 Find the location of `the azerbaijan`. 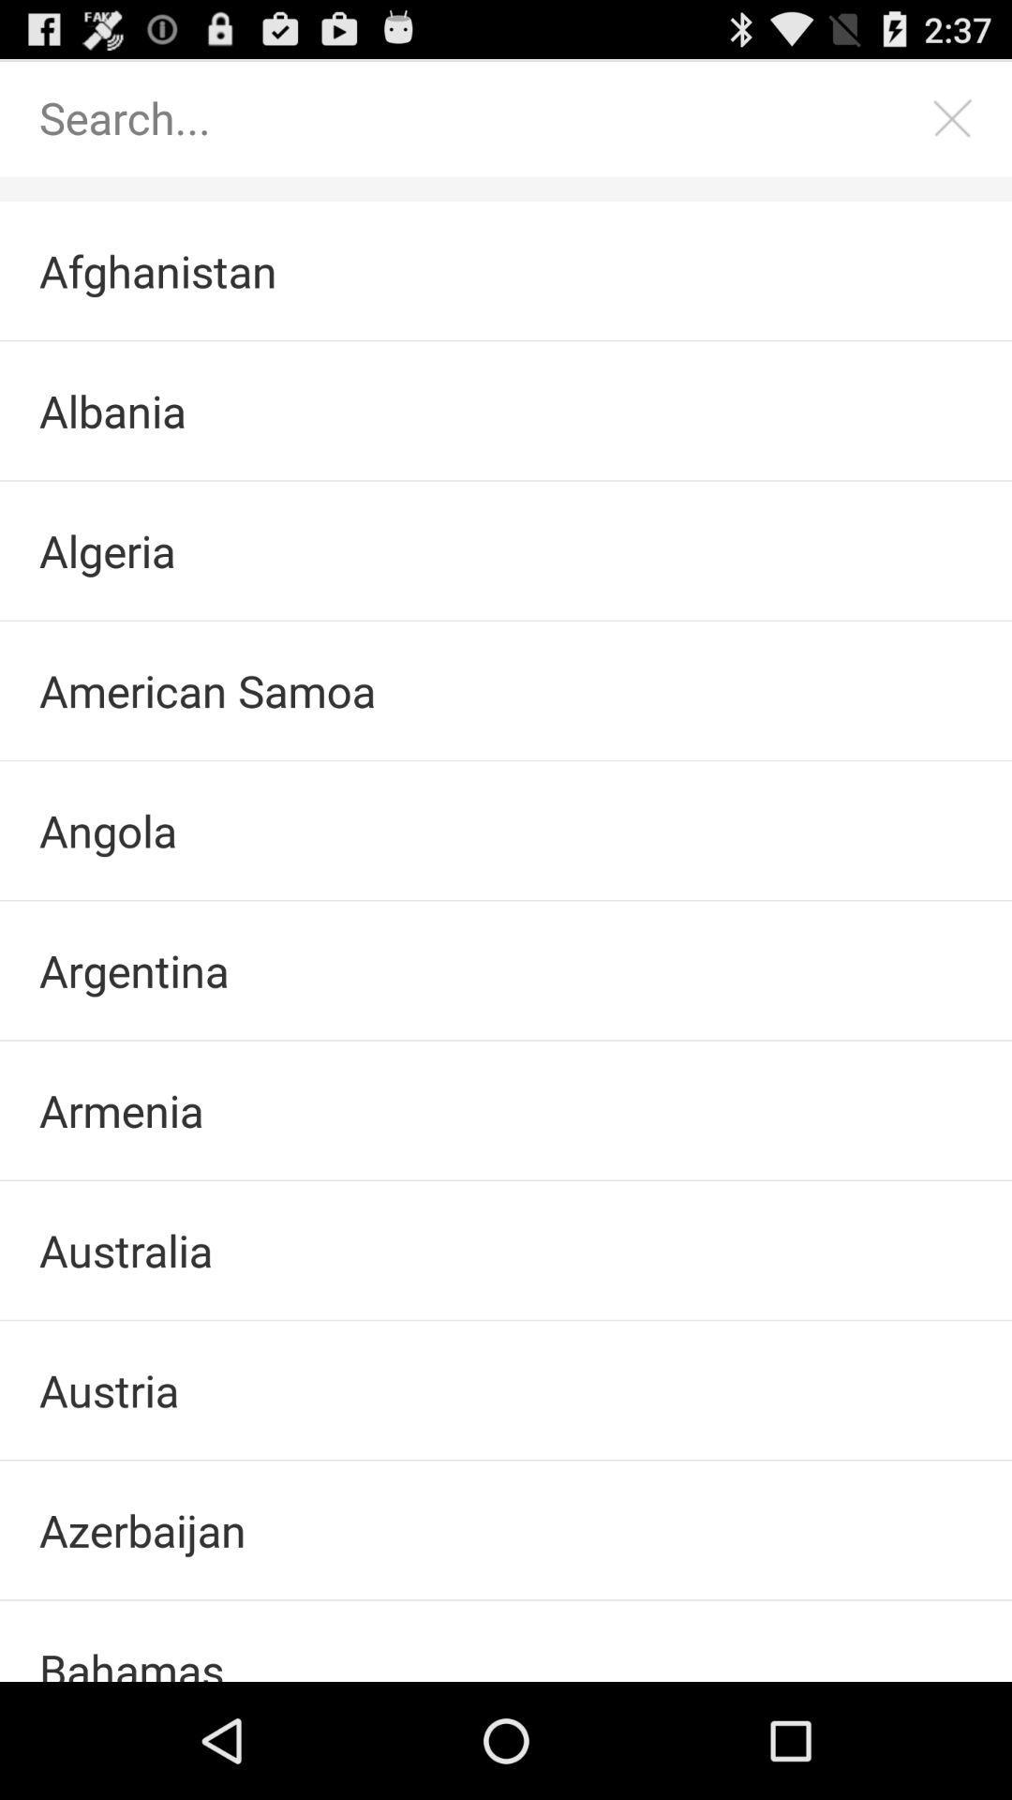

the azerbaijan is located at coordinates (506, 1530).